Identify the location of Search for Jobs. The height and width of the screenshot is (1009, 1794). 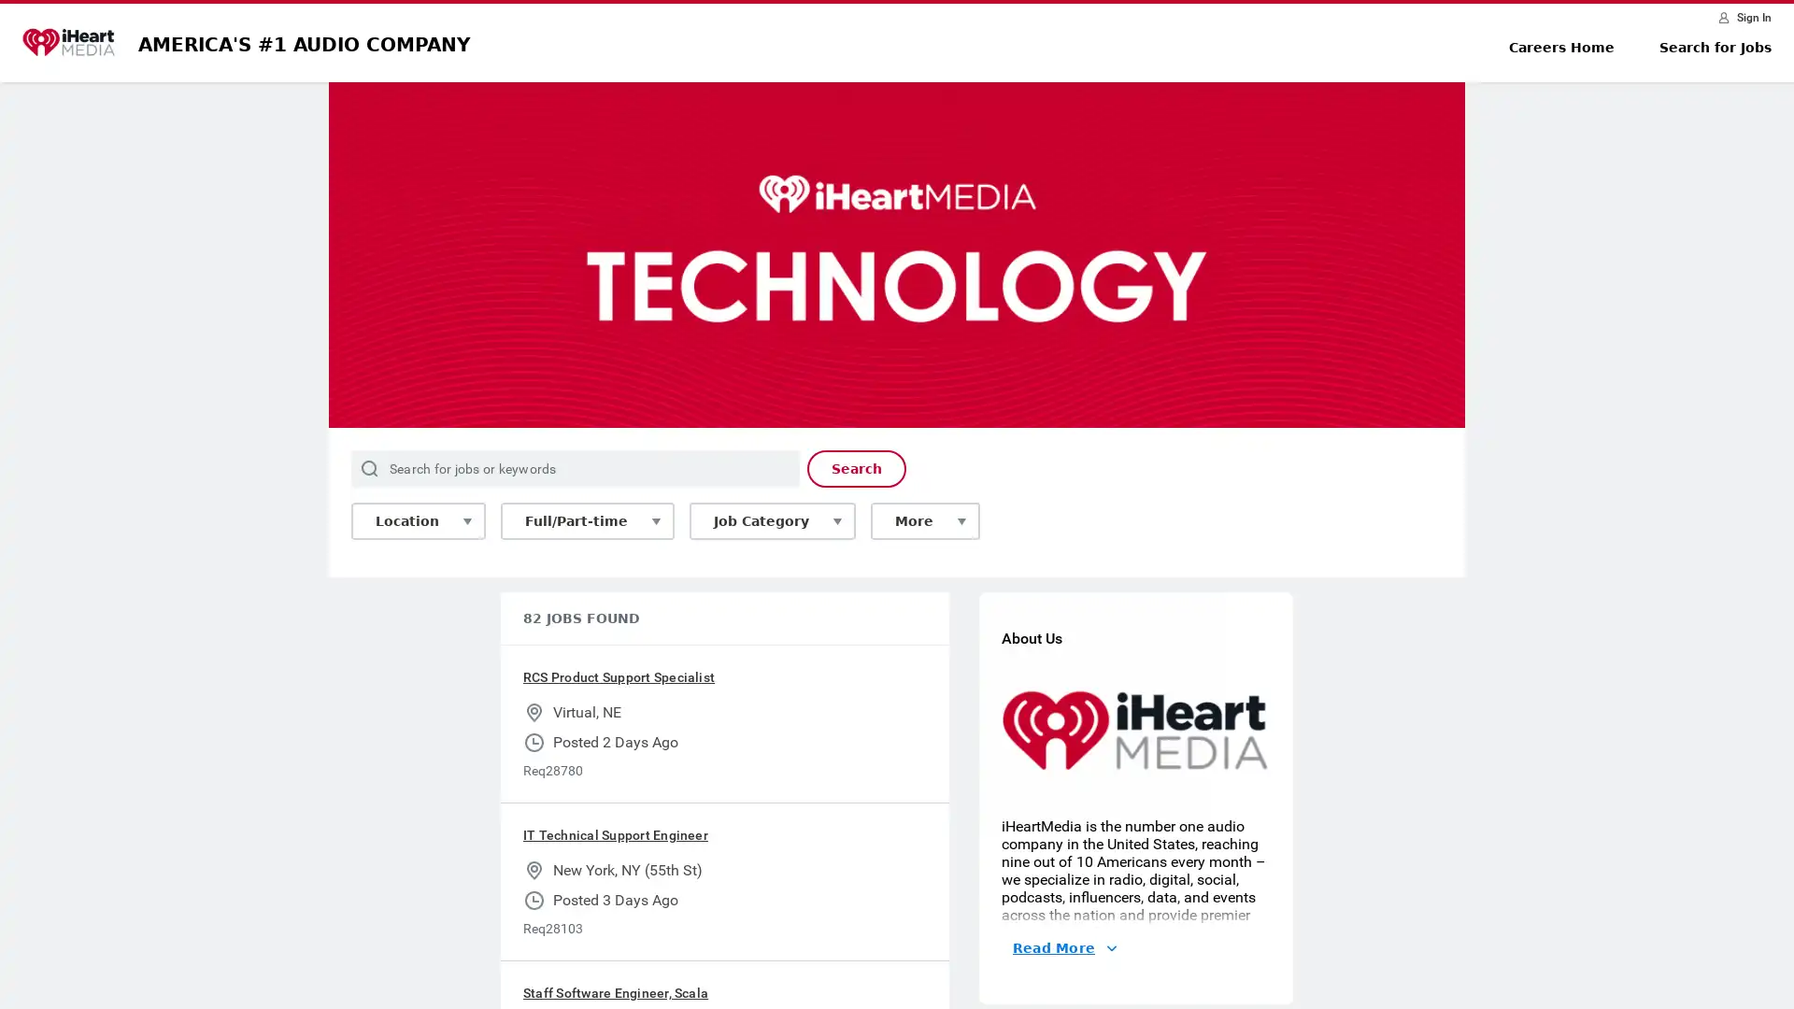
(1724, 47).